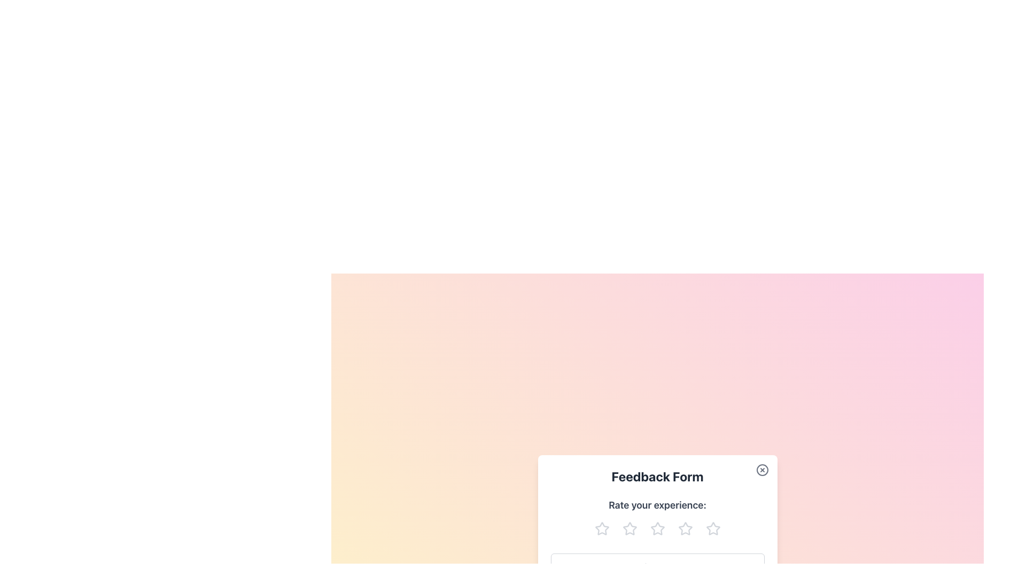 This screenshot has height=577, width=1026. Describe the element at coordinates (685, 528) in the screenshot. I see `the fourth star icon` at that location.